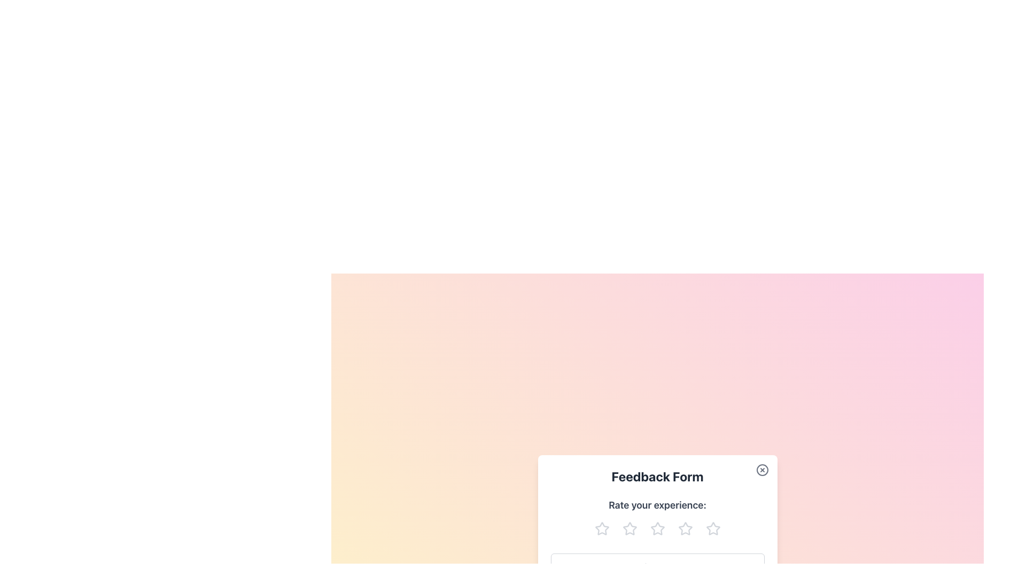 This screenshot has height=577, width=1026. Describe the element at coordinates (685, 528) in the screenshot. I see `the fourth star icon` at that location.